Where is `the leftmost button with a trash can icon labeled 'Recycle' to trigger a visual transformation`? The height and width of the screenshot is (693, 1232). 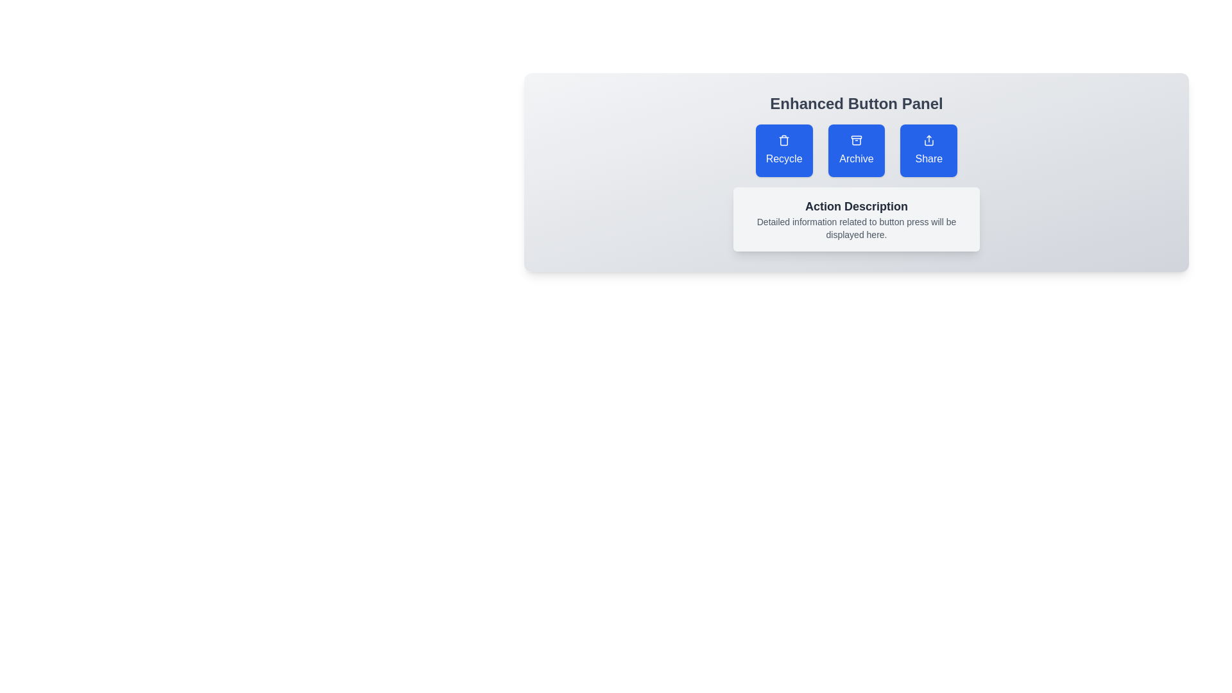
the leftmost button with a trash can icon labeled 'Recycle' to trigger a visual transformation is located at coordinates (783, 150).